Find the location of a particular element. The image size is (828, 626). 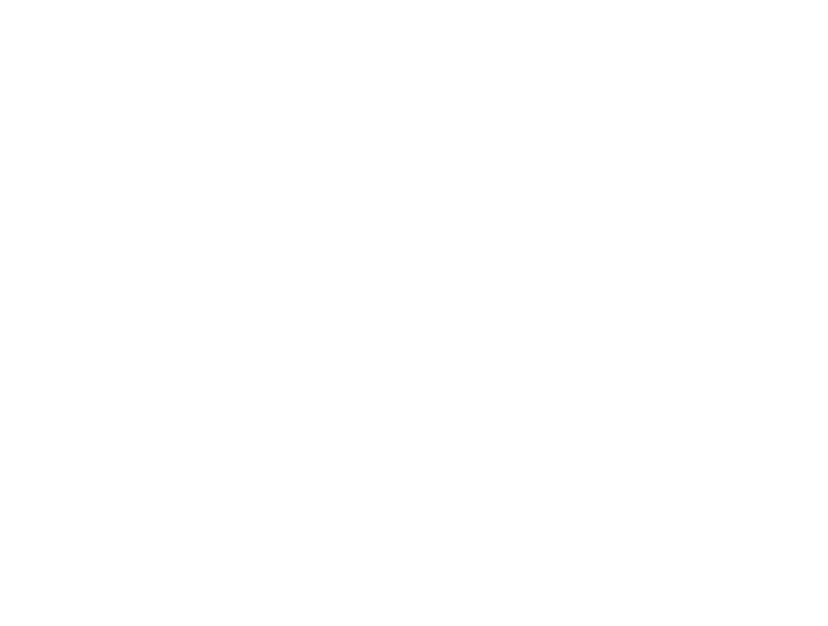

'Dual Ride-Up SRL Retrofit Kit for Kendon Dual Trailers' is located at coordinates (121, 341).